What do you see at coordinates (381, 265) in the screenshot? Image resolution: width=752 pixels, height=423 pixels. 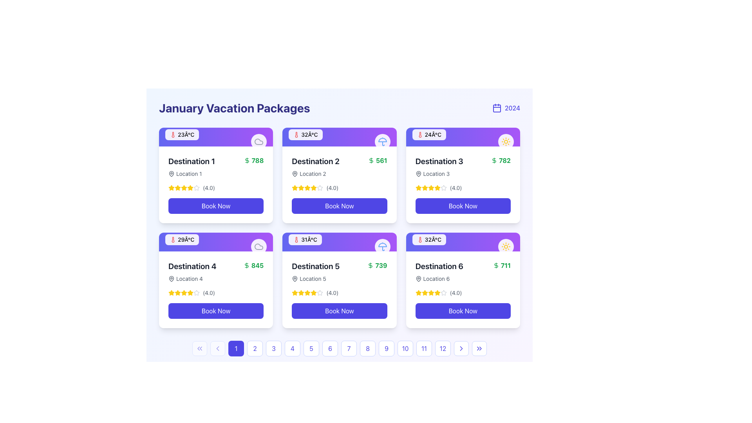 I see `the bold green text label displaying the number '739' within the Destination 5 card, which serves as a cost indicator` at bounding box center [381, 265].